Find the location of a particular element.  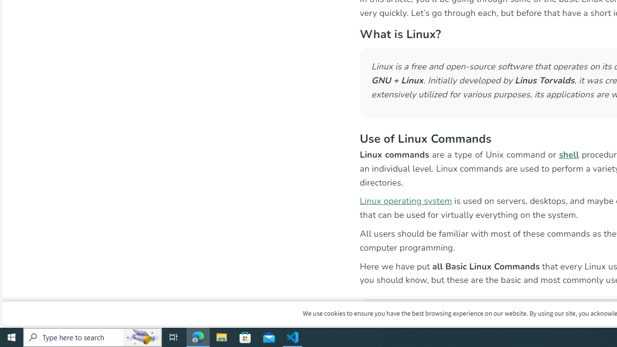

'Linux operating system' is located at coordinates (406, 200).